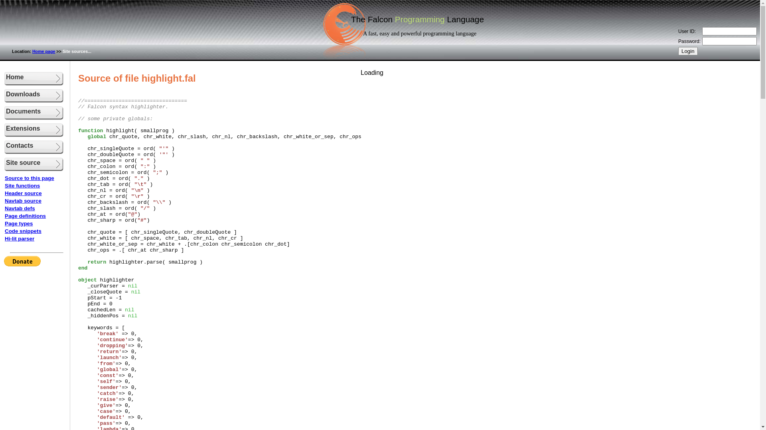 Image resolution: width=766 pixels, height=430 pixels. I want to click on 'Header source', so click(23, 193).